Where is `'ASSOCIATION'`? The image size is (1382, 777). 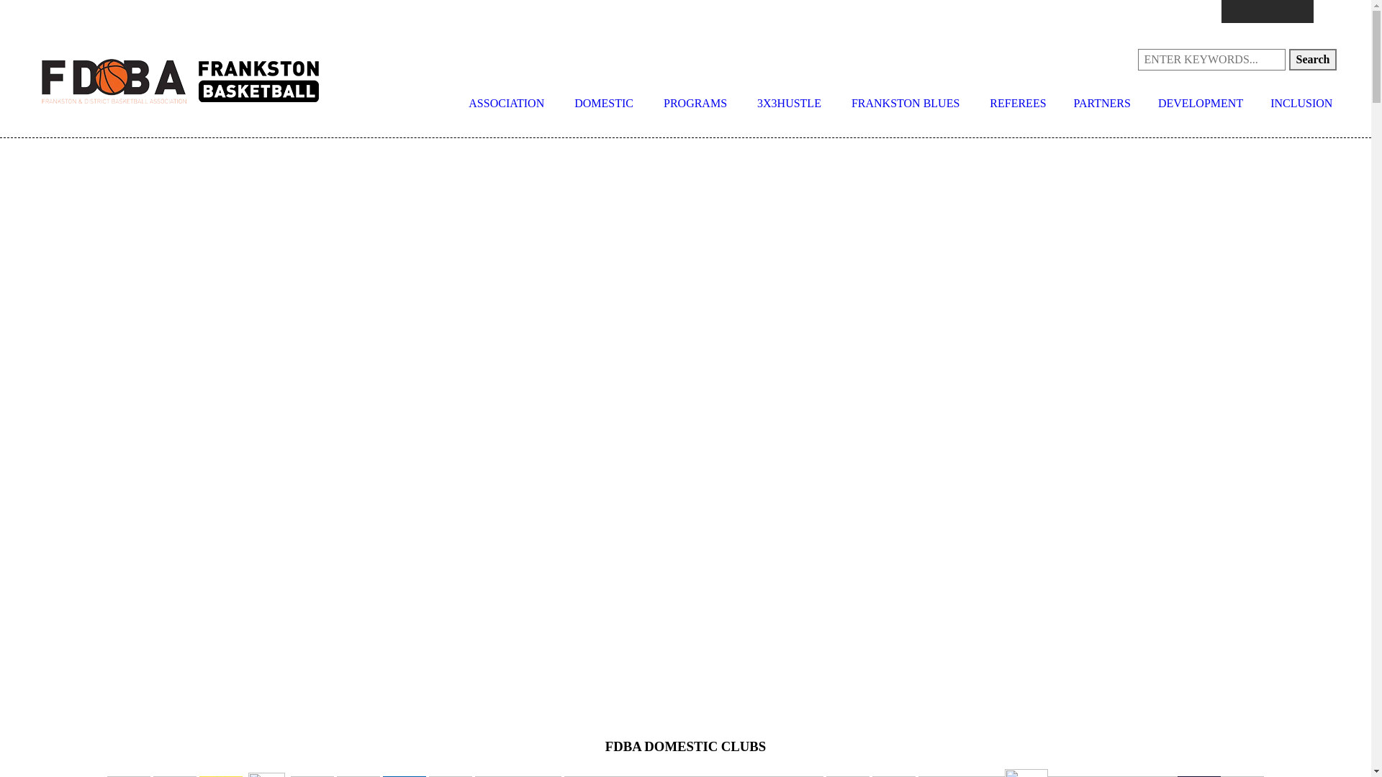
'ASSOCIATION' is located at coordinates (506, 102).